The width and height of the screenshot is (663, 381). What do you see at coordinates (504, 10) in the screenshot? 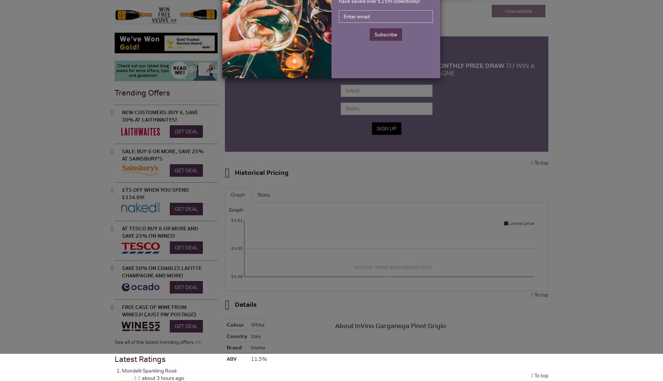
I see `'Unavailable'` at bounding box center [504, 10].